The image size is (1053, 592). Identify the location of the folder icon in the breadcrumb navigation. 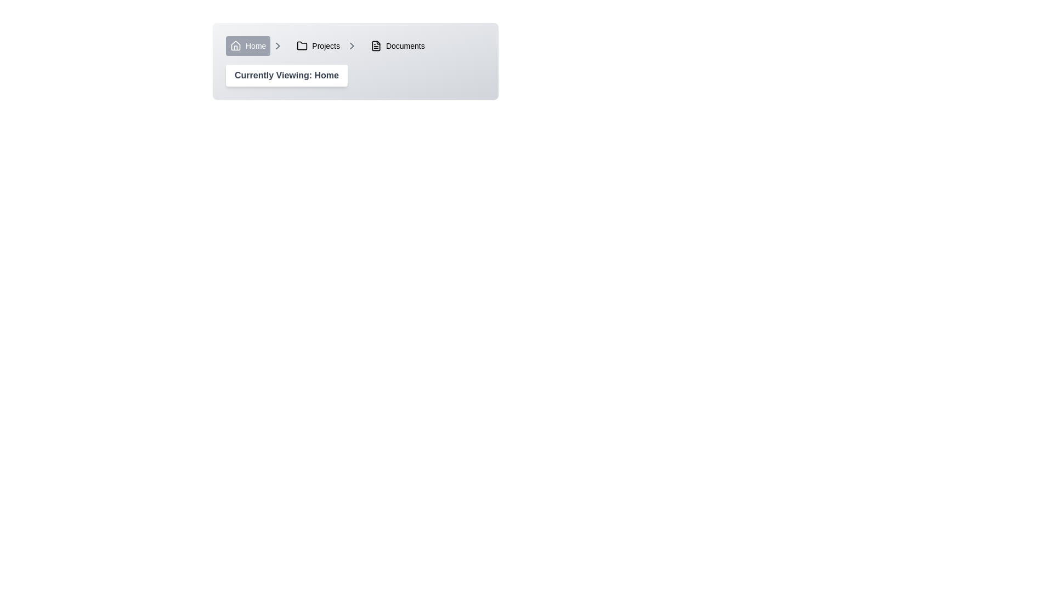
(302, 45).